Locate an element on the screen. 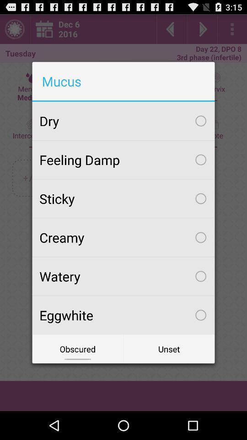 This screenshot has height=440, width=247. item above sticky is located at coordinates (123, 159).